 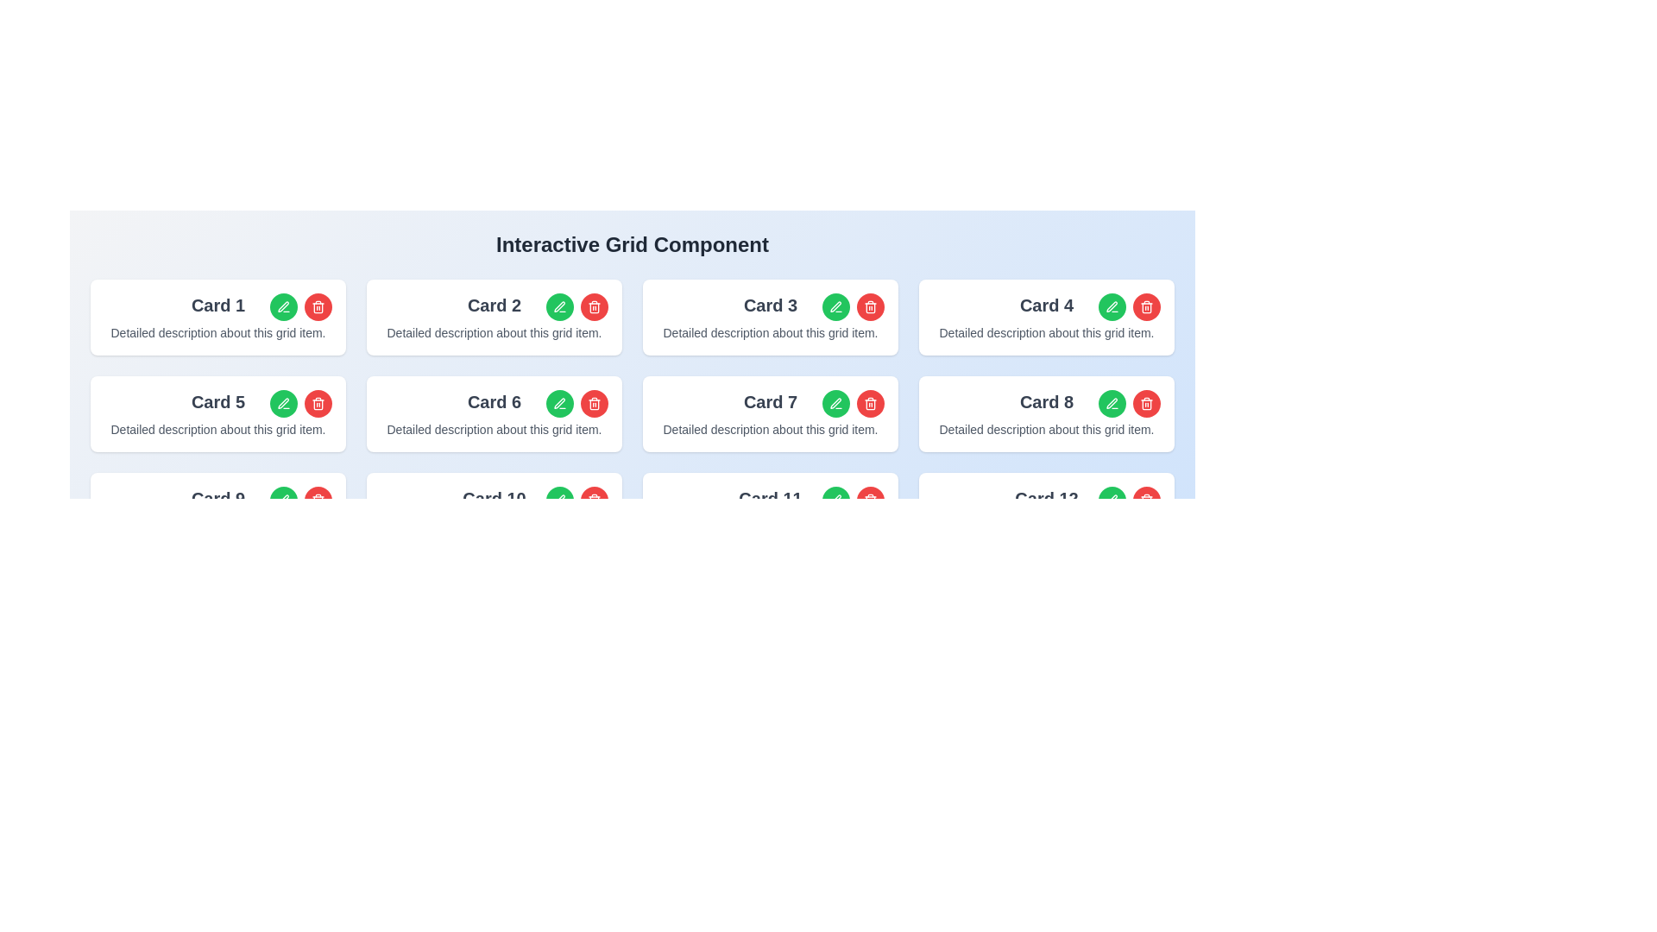 What do you see at coordinates (769, 305) in the screenshot?
I see `the title text 'Card 3' displayed in bold and large font within the card located in the first row and third column of the grid layout` at bounding box center [769, 305].